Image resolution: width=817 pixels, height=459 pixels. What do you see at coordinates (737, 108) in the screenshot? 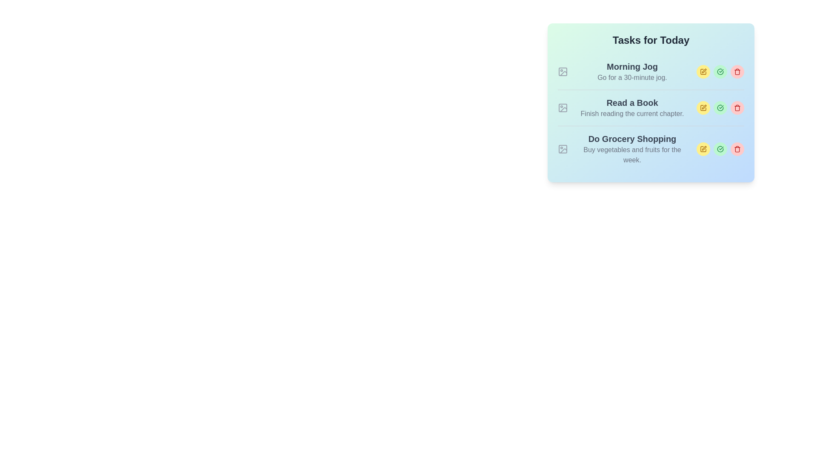
I see `the circular red button with a trashcan icon, which is the rightmost button in the action group for the 'Read a Book' task` at bounding box center [737, 108].